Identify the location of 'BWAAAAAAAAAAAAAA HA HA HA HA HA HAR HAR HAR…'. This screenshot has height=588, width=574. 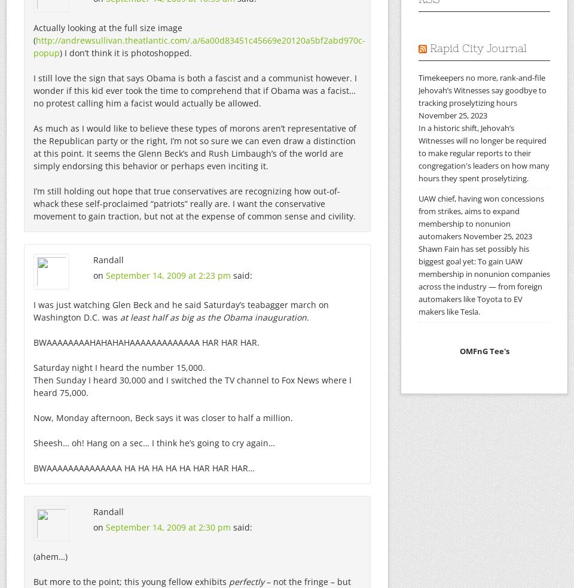
(143, 467).